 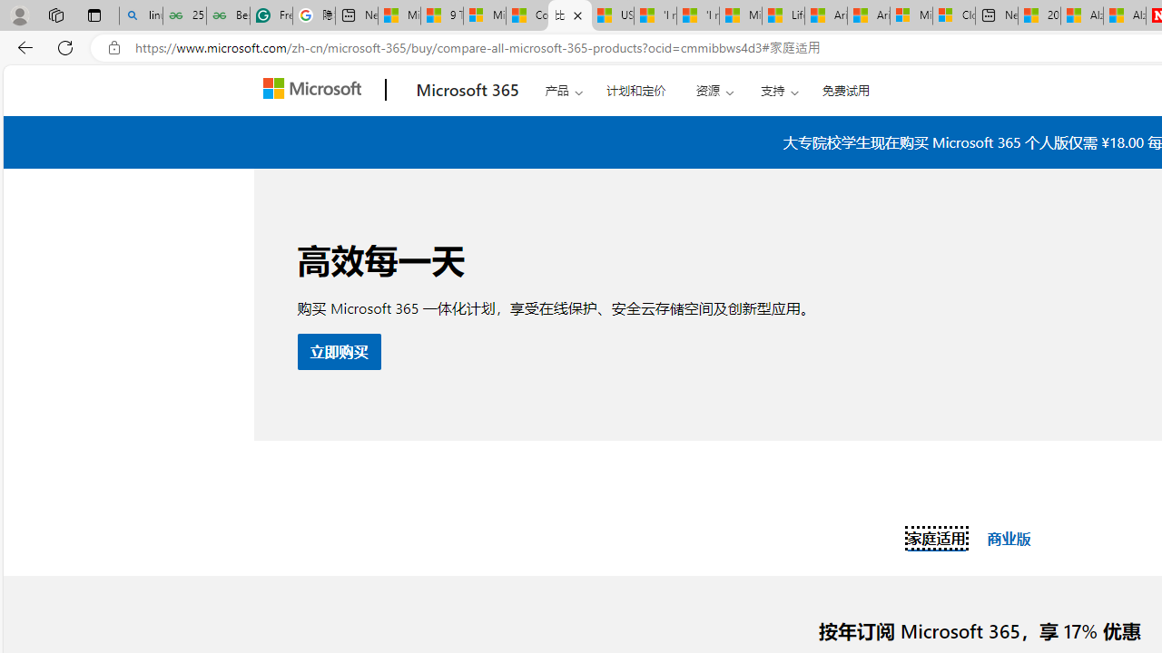 What do you see at coordinates (612, 15) in the screenshot?
I see `'USA TODAY - MSN'` at bounding box center [612, 15].